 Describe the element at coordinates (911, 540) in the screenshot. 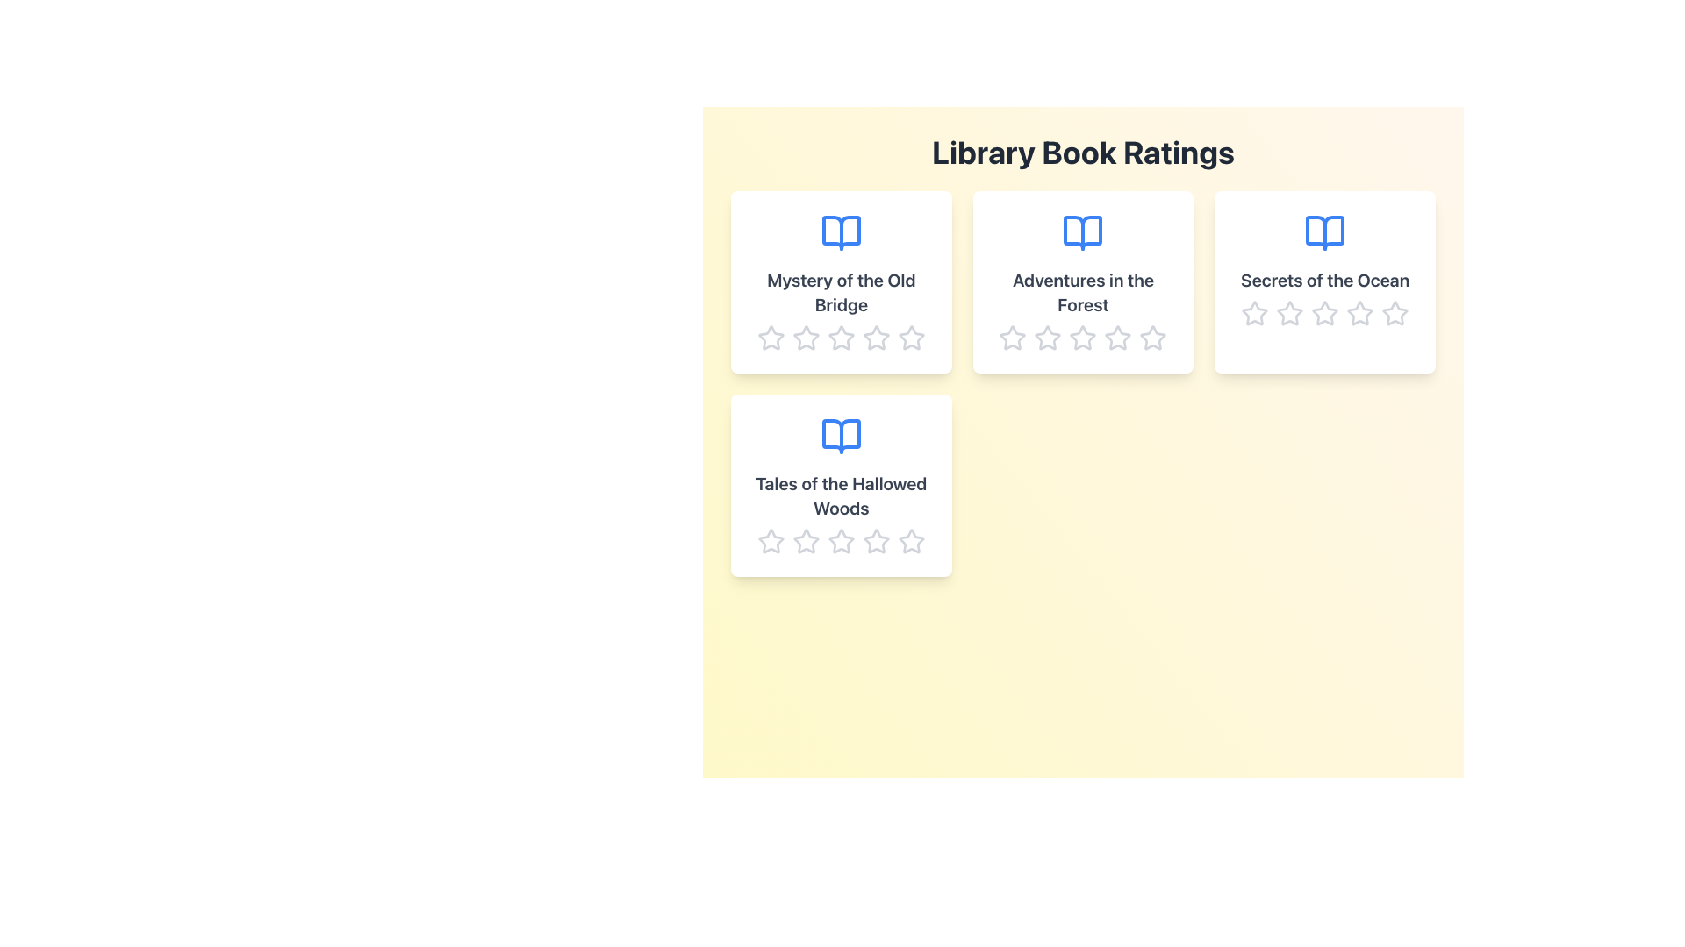

I see `the fifth star icon` at that location.